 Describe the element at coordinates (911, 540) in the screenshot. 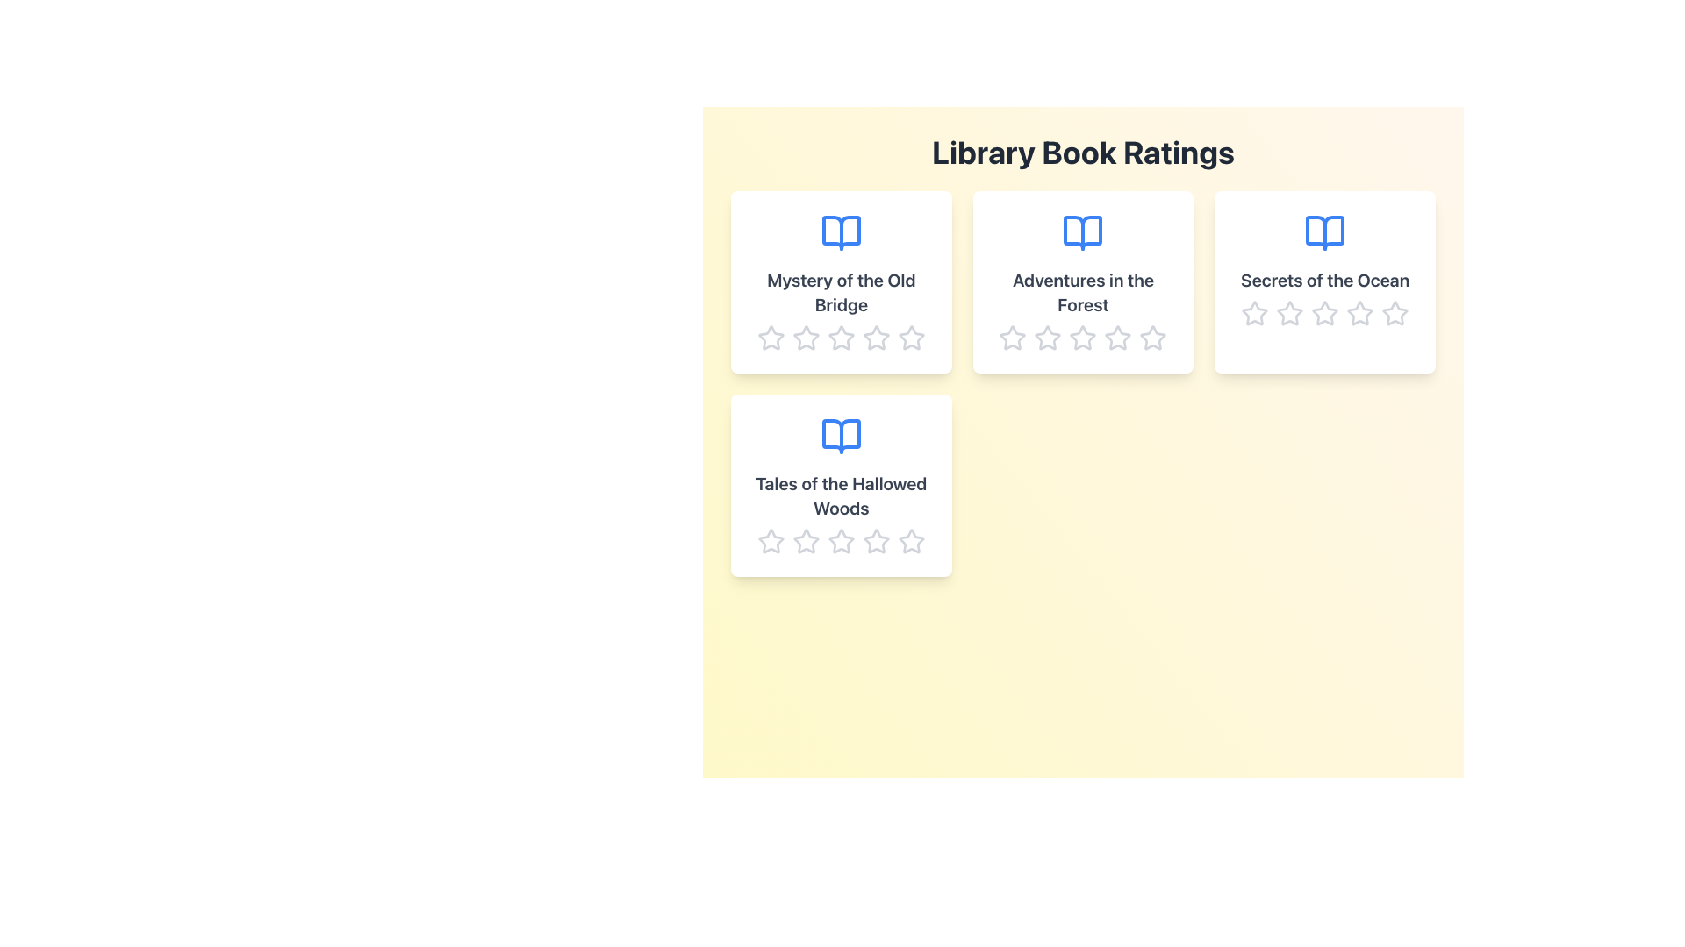

I see `the fifth star icon` at that location.